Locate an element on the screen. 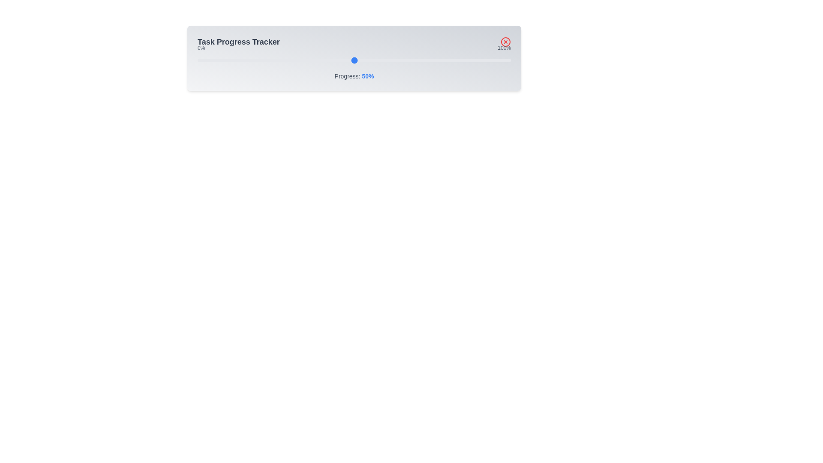 The width and height of the screenshot is (823, 463). task progress is located at coordinates (348, 60).